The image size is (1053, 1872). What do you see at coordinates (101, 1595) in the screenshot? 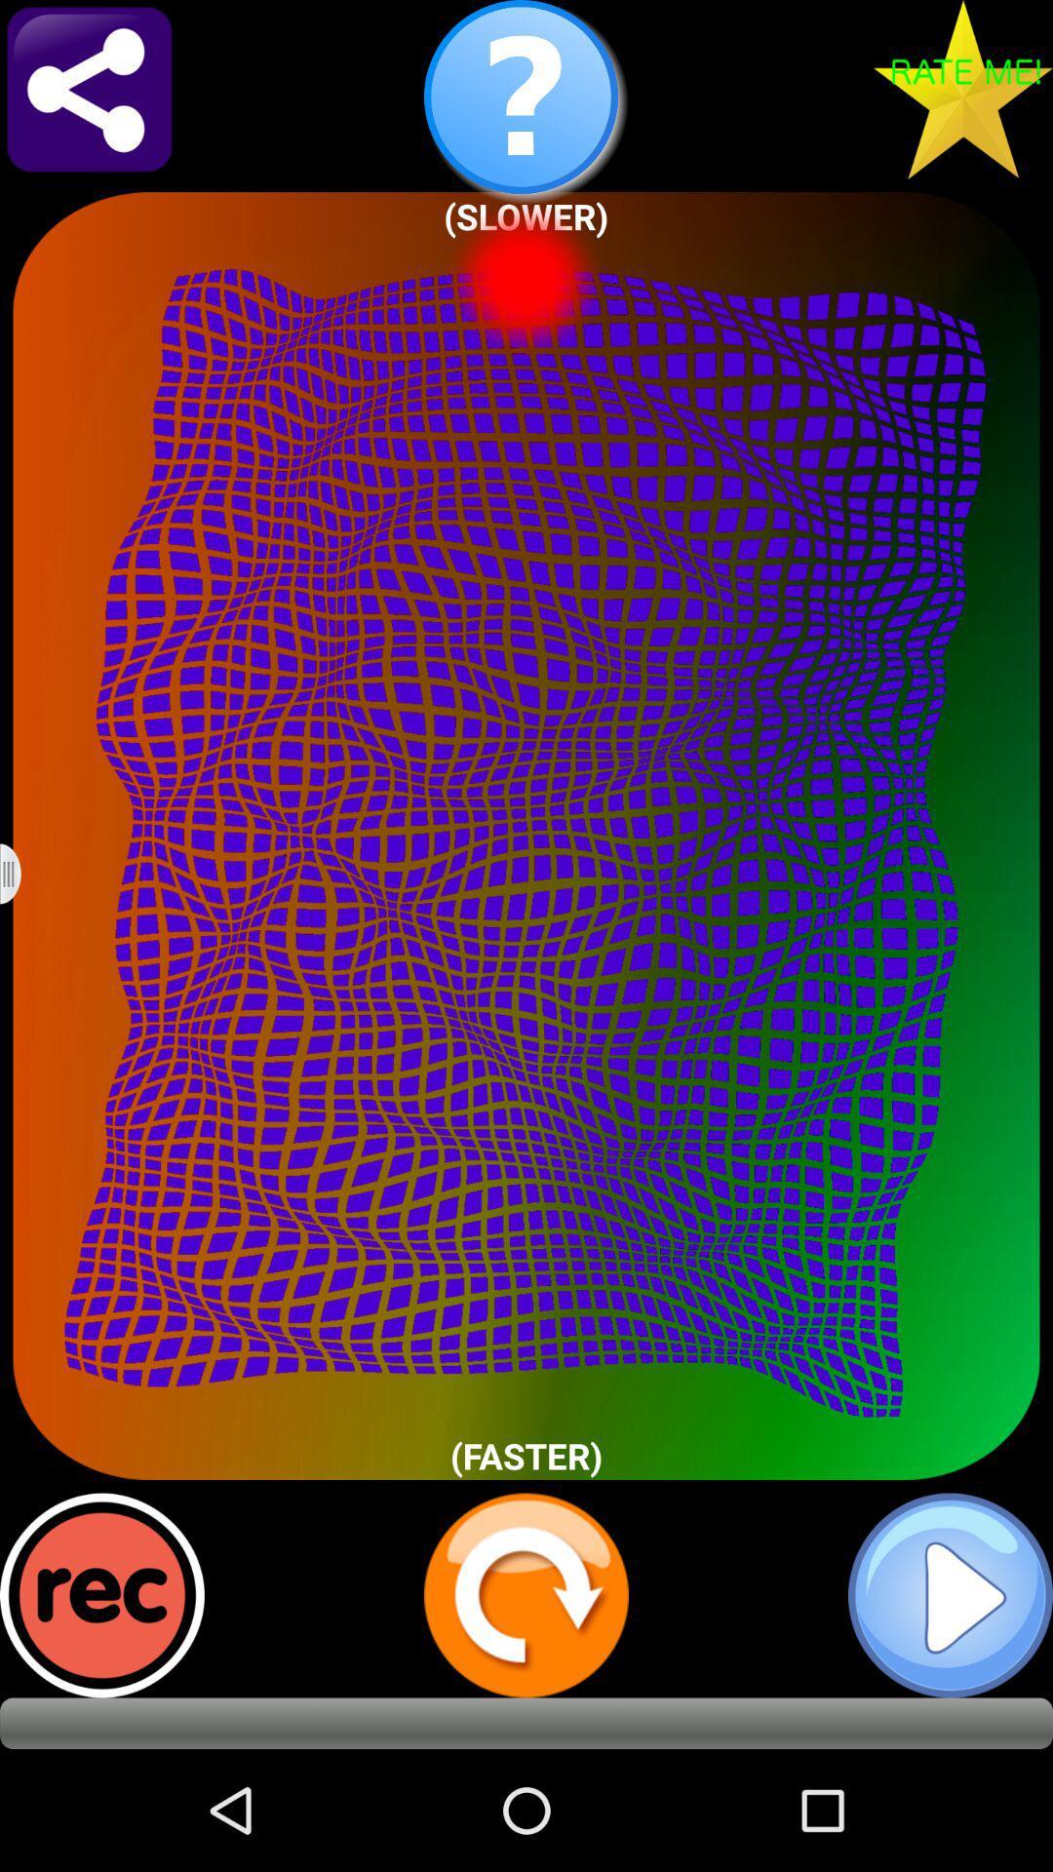
I see `record button` at bounding box center [101, 1595].